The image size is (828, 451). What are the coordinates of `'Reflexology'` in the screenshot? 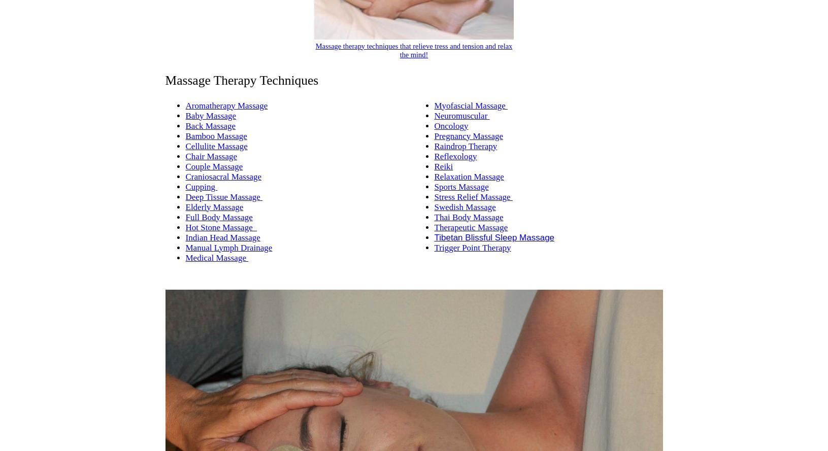 It's located at (434, 156).